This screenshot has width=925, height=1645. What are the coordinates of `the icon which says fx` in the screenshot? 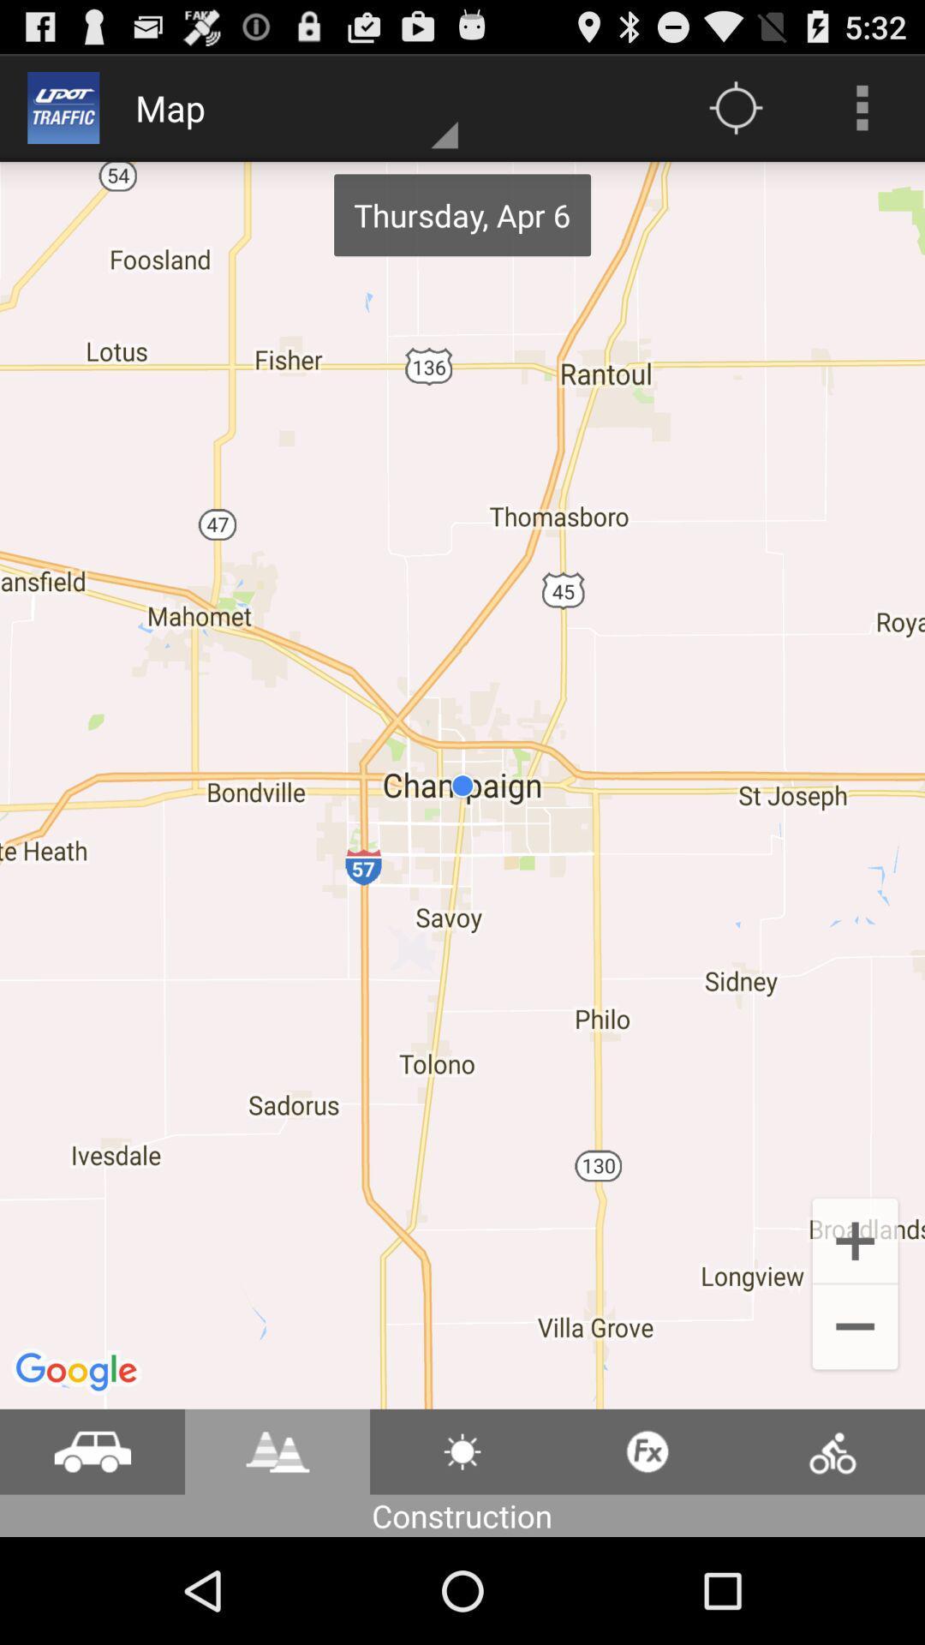 It's located at (647, 1451).